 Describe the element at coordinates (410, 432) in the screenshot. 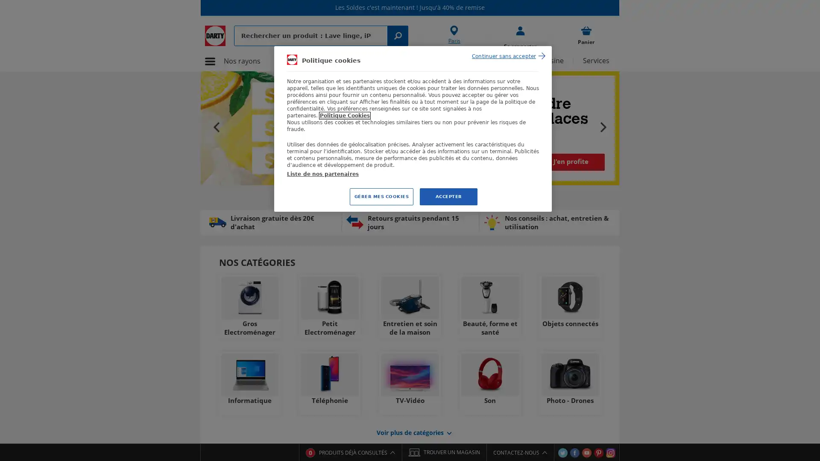

I see `Voir plusde categories` at that location.